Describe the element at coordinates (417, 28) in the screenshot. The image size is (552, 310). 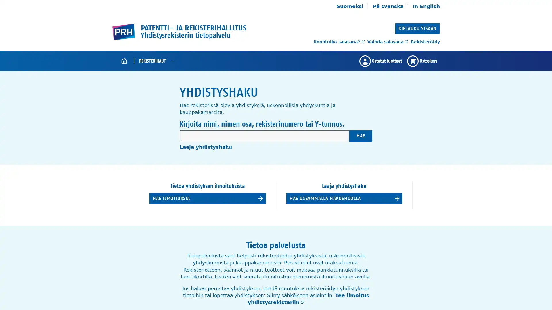
I see `Kirjaudu sisaan` at that location.